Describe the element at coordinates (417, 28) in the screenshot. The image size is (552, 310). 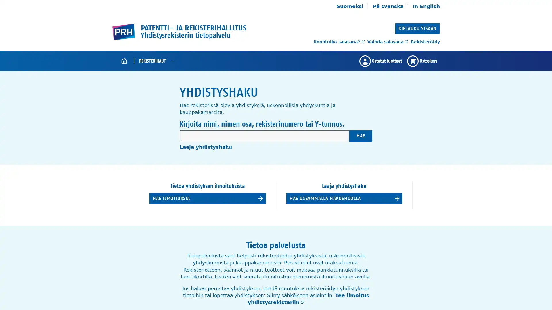
I see `Kirjaudu sisaan` at that location.